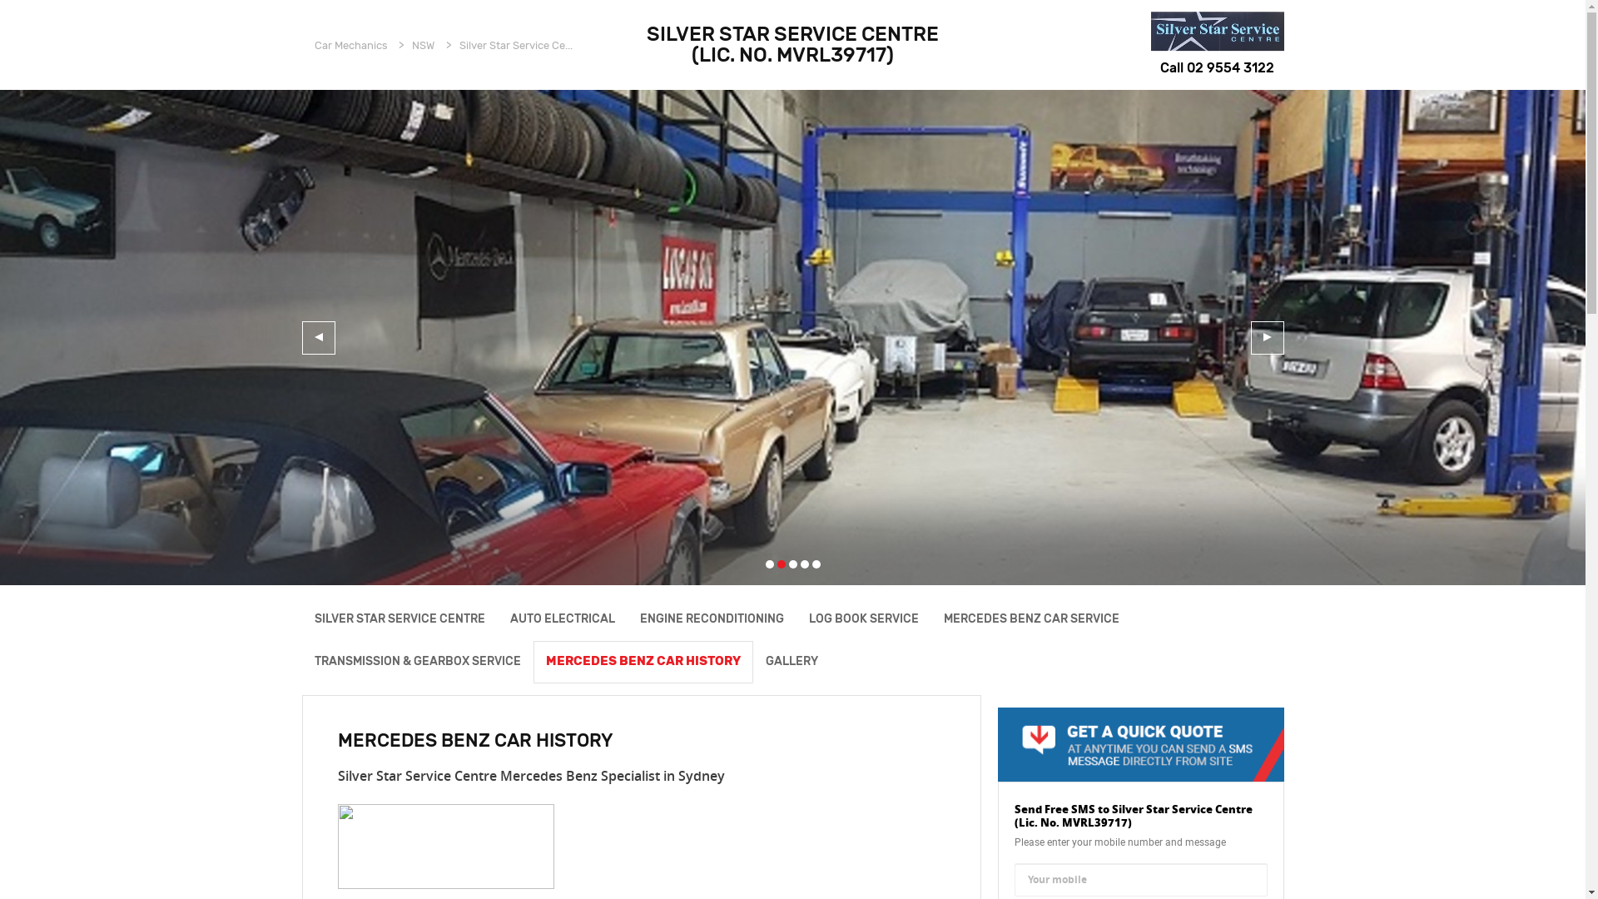 The height and width of the screenshot is (899, 1598). Describe the element at coordinates (765, 564) in the screenshot. I see `'1'` at that location.